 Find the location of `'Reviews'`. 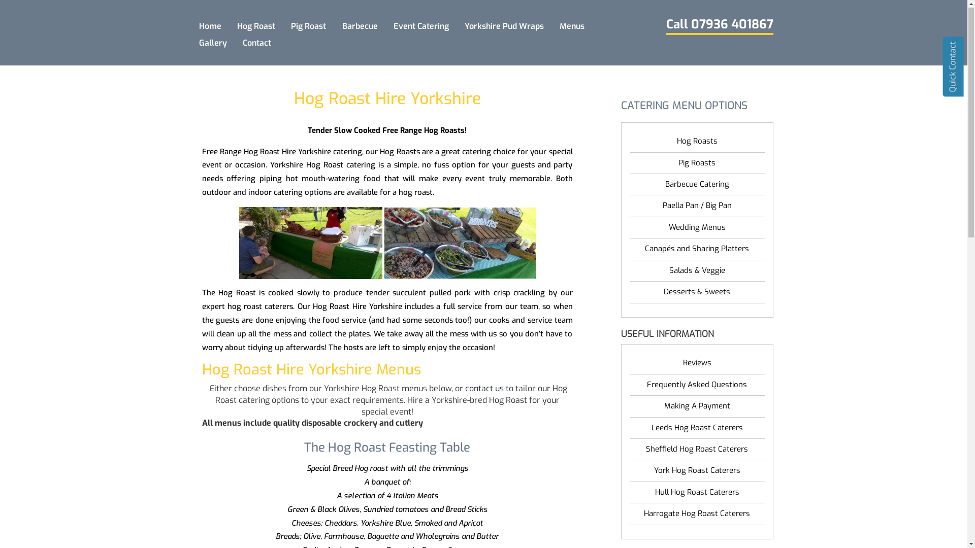

'Reviews' is located at coordinates (696, 363).